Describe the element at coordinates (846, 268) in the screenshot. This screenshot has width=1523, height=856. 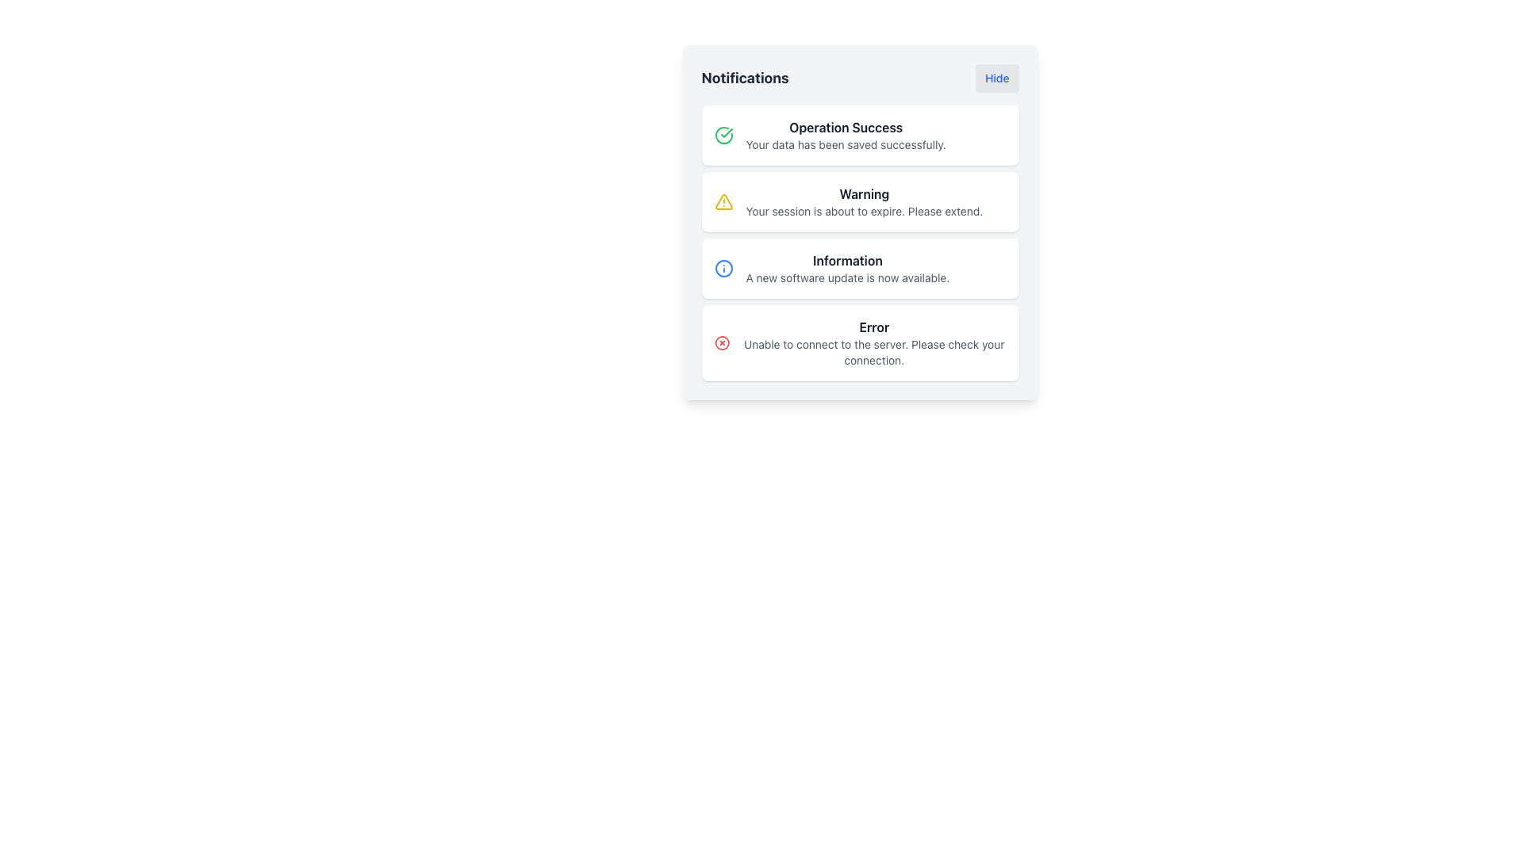
I see `the third TextBlock in the list of notification messages that provides information about a new software update` at that location.